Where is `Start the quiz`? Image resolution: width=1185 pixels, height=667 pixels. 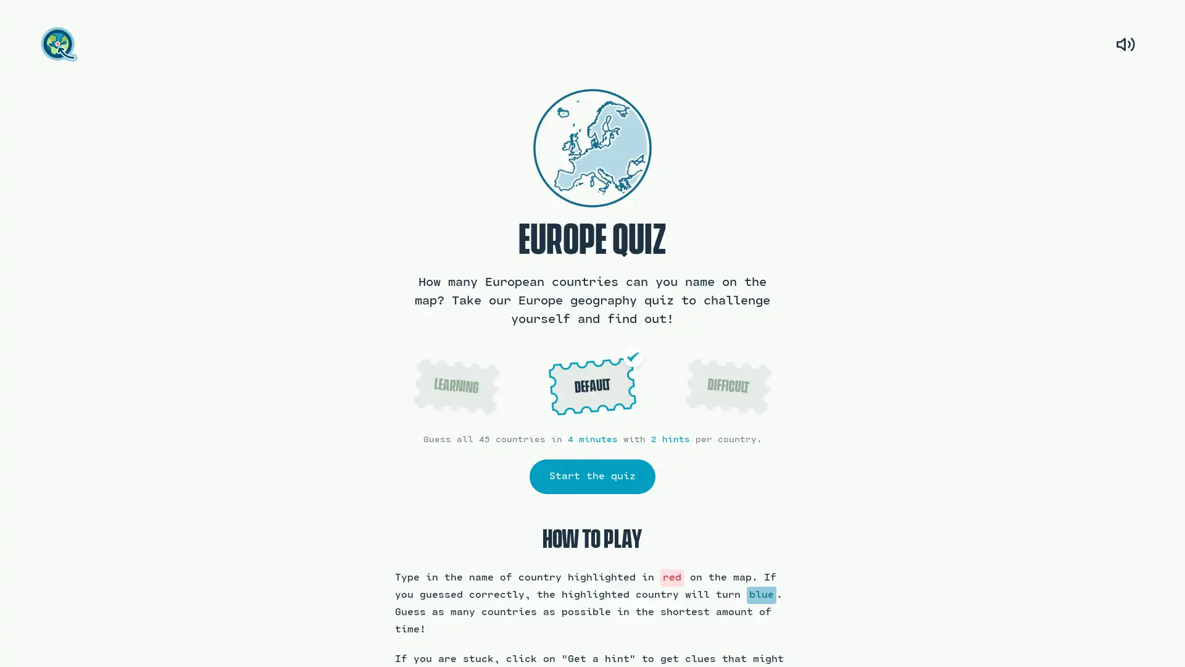
Start the quiz is located at coordinates (592, 476).